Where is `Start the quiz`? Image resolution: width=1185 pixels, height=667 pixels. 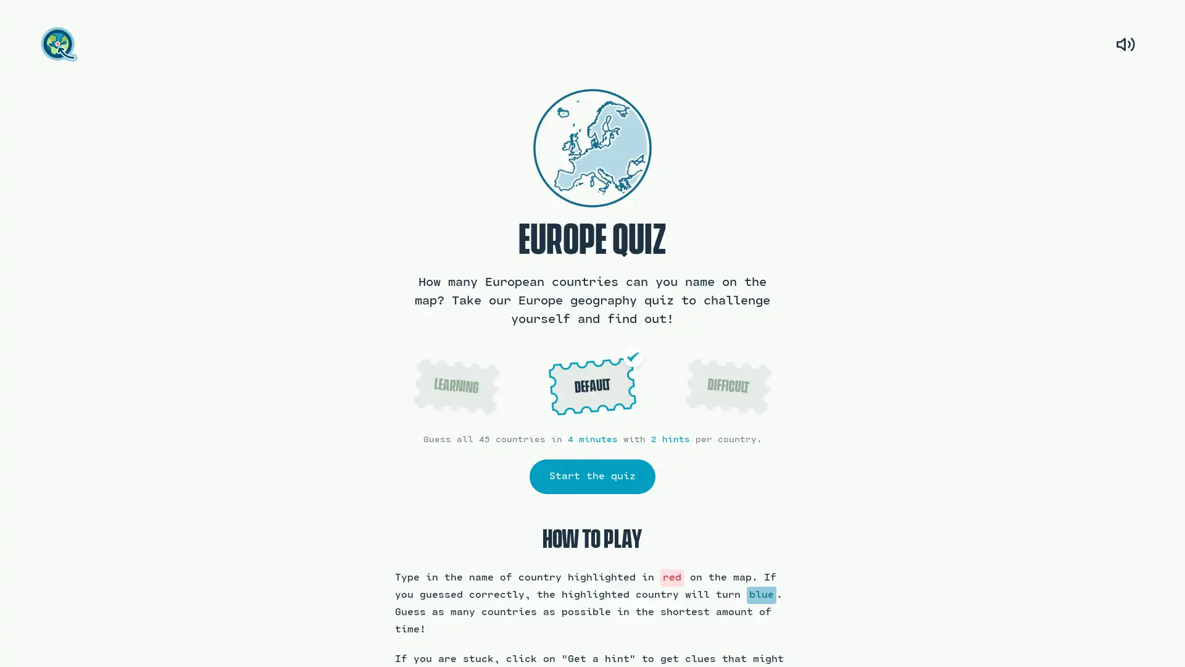
Start the quiz is located at coordinates (592, 476).